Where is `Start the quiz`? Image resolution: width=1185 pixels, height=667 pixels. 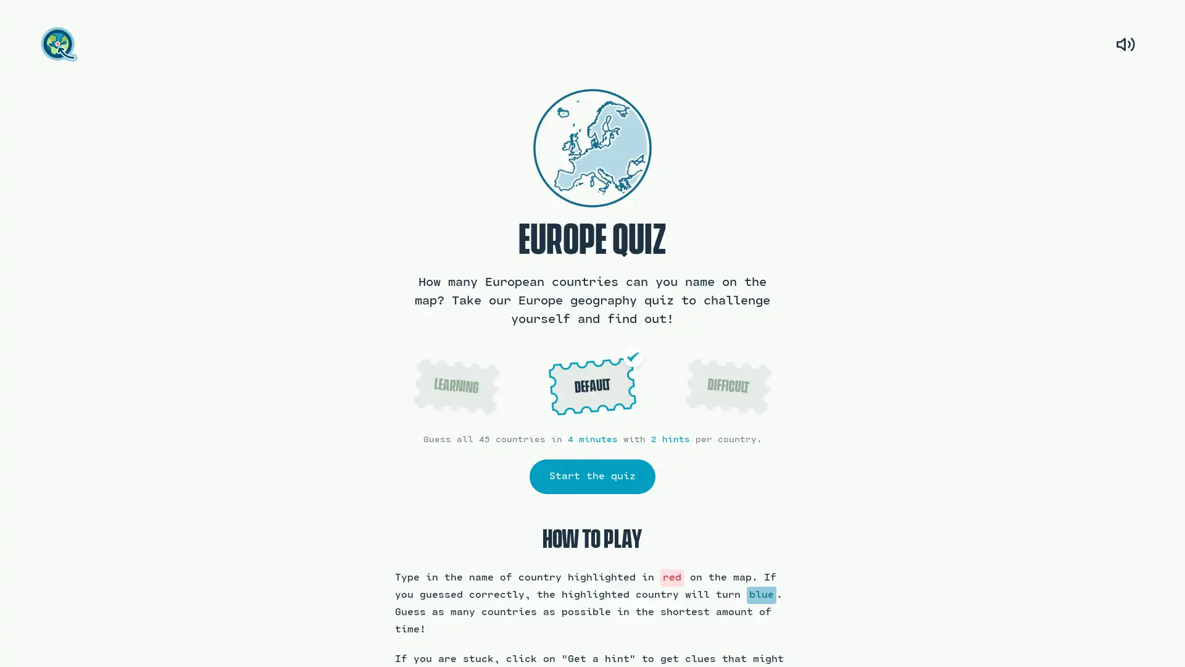
Start the quiz is located at coordinates (592, 476).